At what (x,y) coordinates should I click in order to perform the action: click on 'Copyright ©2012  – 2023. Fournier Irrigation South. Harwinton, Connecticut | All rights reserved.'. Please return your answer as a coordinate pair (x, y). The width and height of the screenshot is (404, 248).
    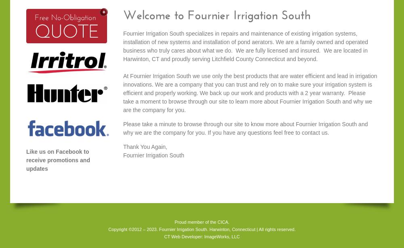
    Looking at the image, I should click on (201, 229).